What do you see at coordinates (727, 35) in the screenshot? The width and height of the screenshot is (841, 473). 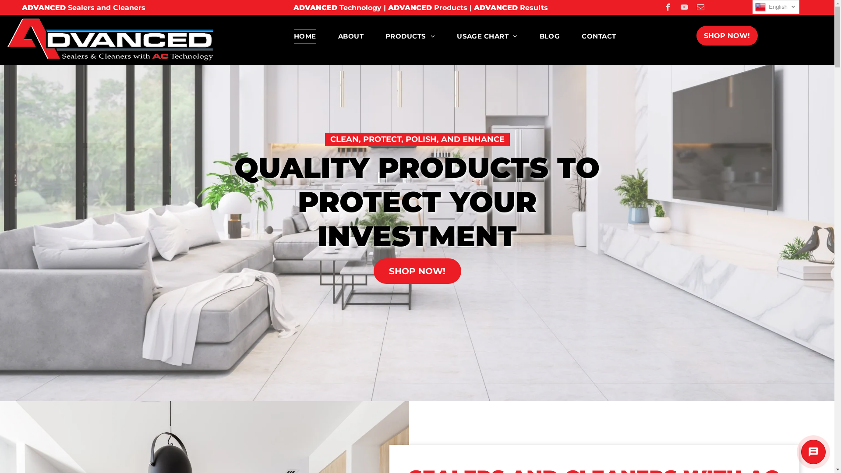 I see `'SHOP NOW!'` at bounding box center [727, 35].